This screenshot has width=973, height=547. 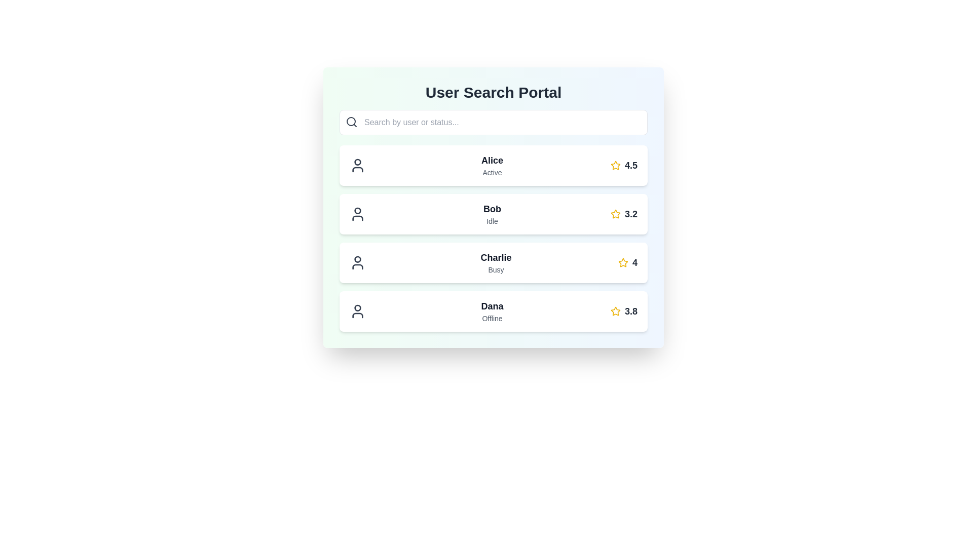 I want to click on the text element displaying the rating score for the user Alice, which is located to the right of the star icon in the top section of a vertically arranged list, so click(x=630, y=165).